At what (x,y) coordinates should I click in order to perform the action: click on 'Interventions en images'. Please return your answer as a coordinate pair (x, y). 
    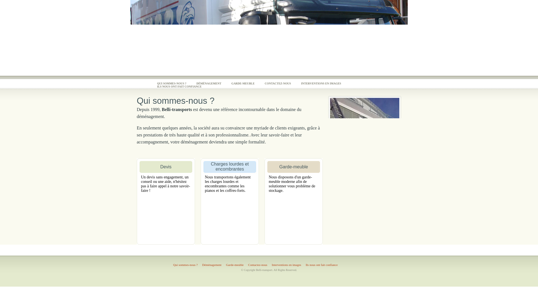
    Looking at the image, I should click on (269, 265).